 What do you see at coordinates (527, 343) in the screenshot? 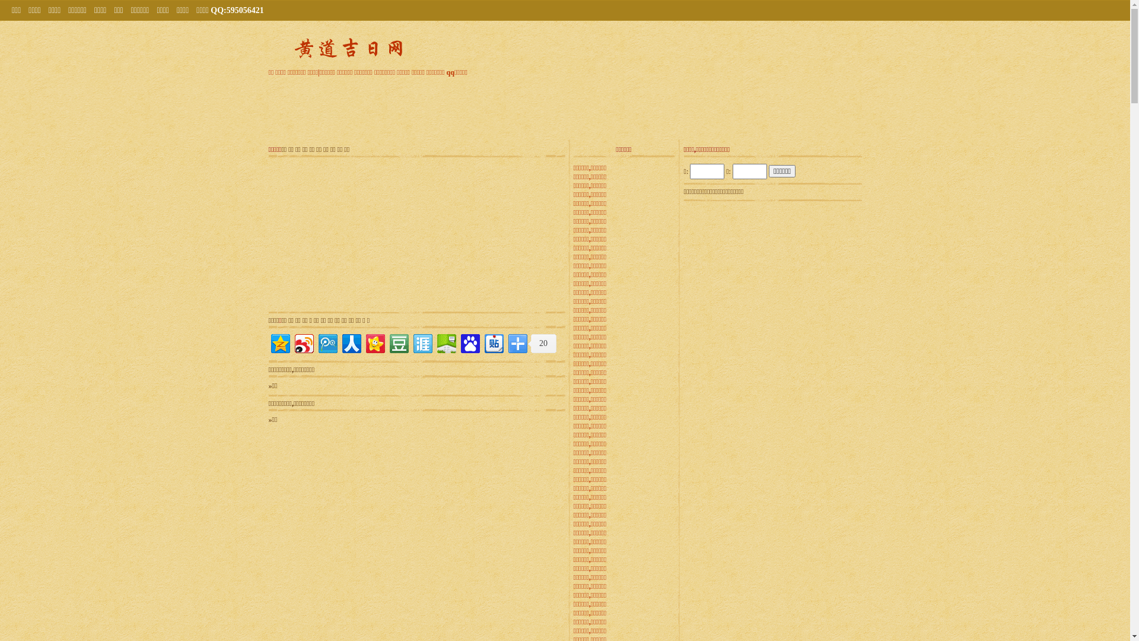
I see `'20'` at bounding box center [527, 343].